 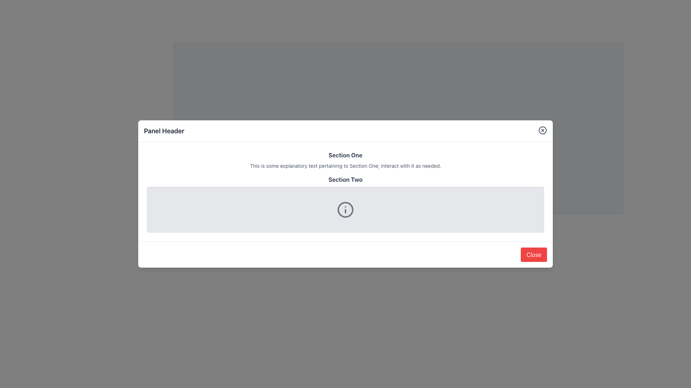 What do you see at coordinates (345, 179) in the screenshot?
I see `text label displaying 'Section Two' in bold, dark gray font, located centrally beneath a horizontal line divider` at bounding box center [345, 179].